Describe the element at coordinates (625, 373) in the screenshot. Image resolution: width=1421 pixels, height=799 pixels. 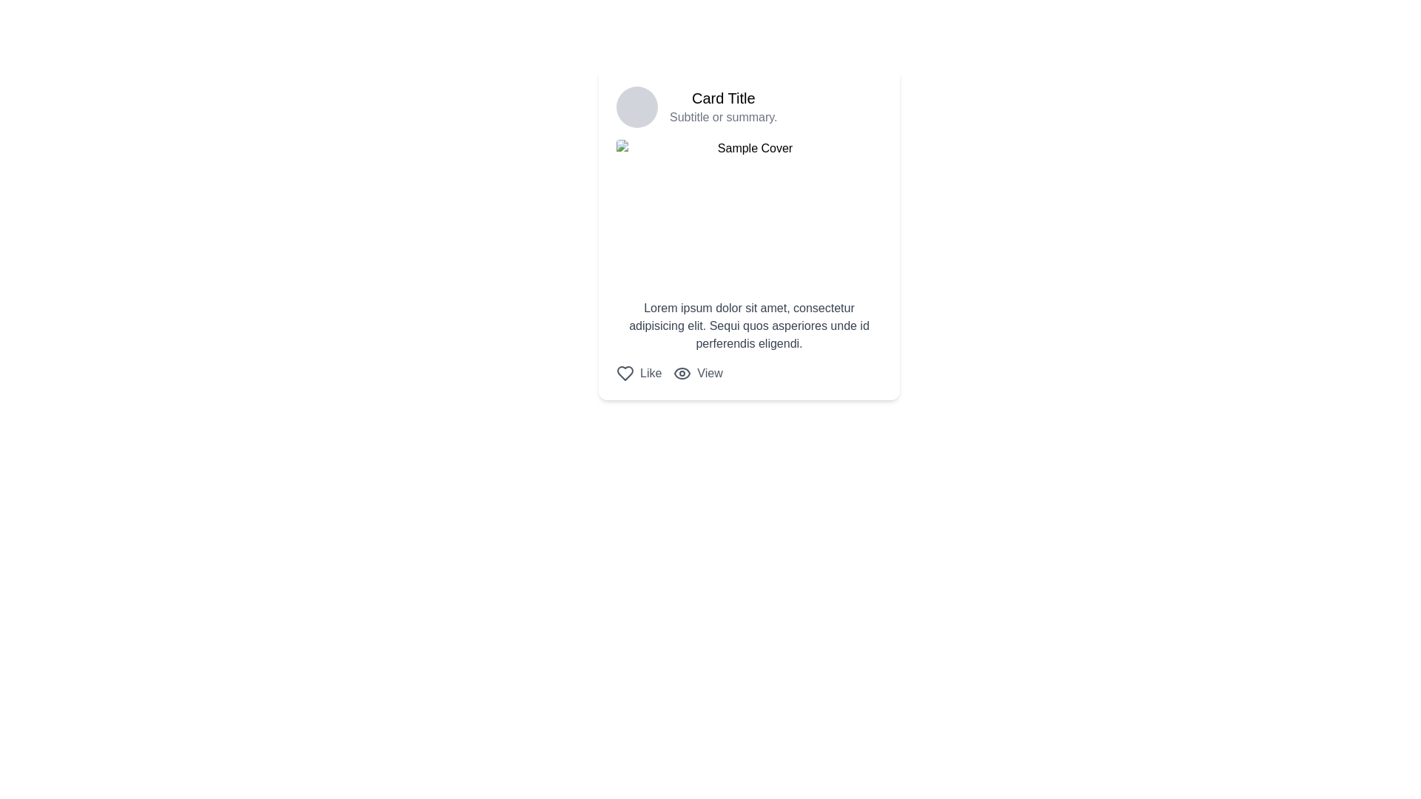
I see `the 'like' icon located to the left of the text 'Like' at the bottom-left corner of the card layout` at that location.